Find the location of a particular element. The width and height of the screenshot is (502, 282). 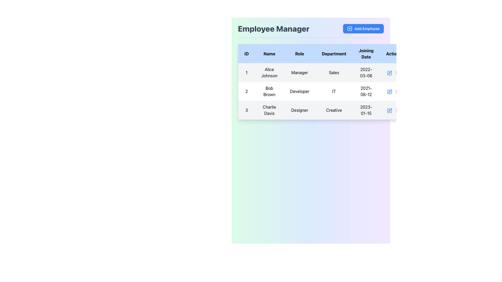

on the blue outlined square icon that is part of the 'Add Employee' button located at the top-right corner of the interface is located at coordinates (350, 29).